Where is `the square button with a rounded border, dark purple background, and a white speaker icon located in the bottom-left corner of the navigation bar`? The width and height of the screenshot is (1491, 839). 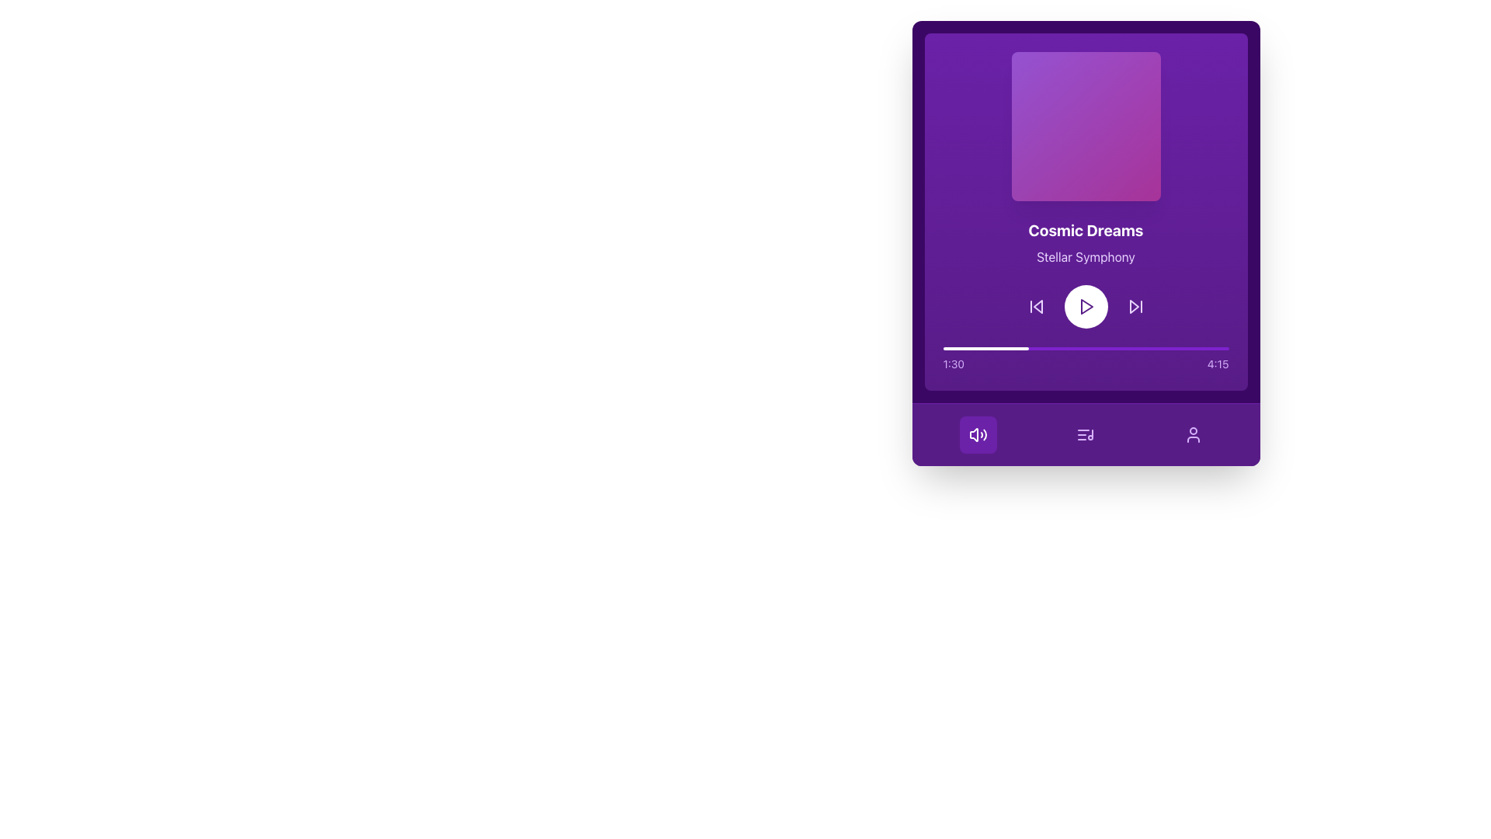 the square button with a rounded border, dark purple background, and a white speaker icon located in the bottom-left corner of the navigation bar is located at coordinates (977, 434).